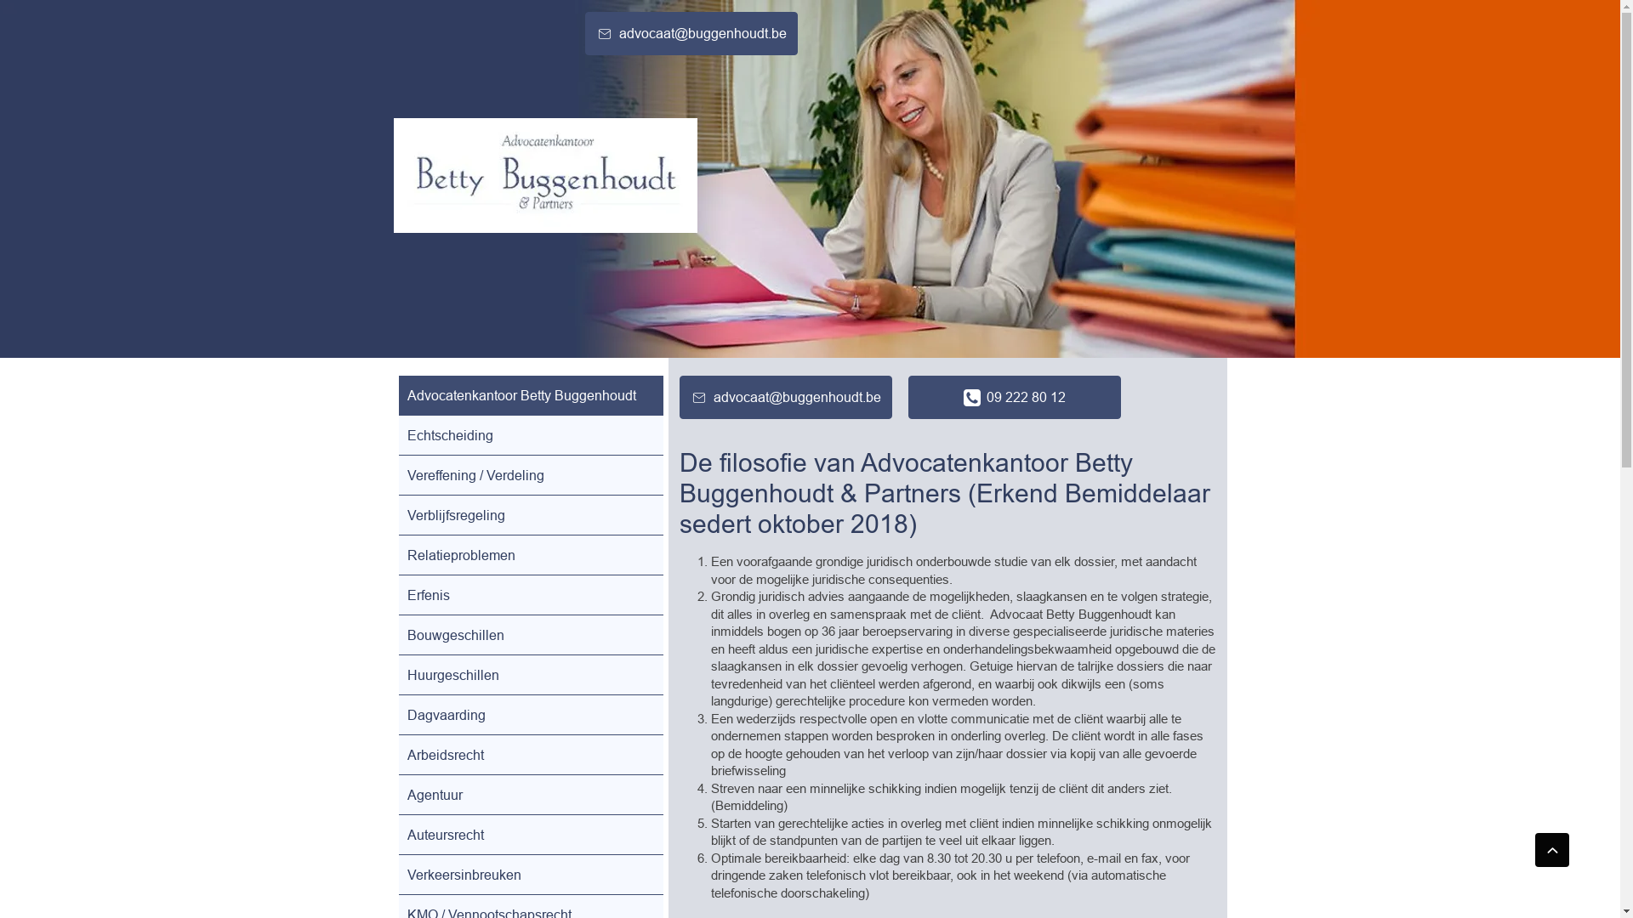 The width and height of the screenshot is (1633, 918). I want to click on 'Auteursrecht', so click(529, 834).